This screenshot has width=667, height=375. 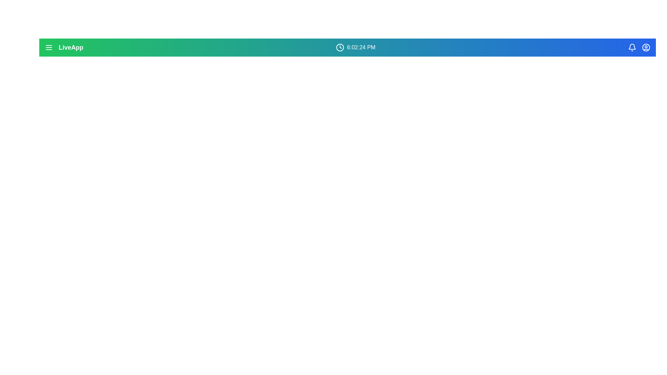 What do you see at coordinates (48, 47) in the screenshot?
I see `the menu icon to open navigation options` at bounding box center [48, 47].